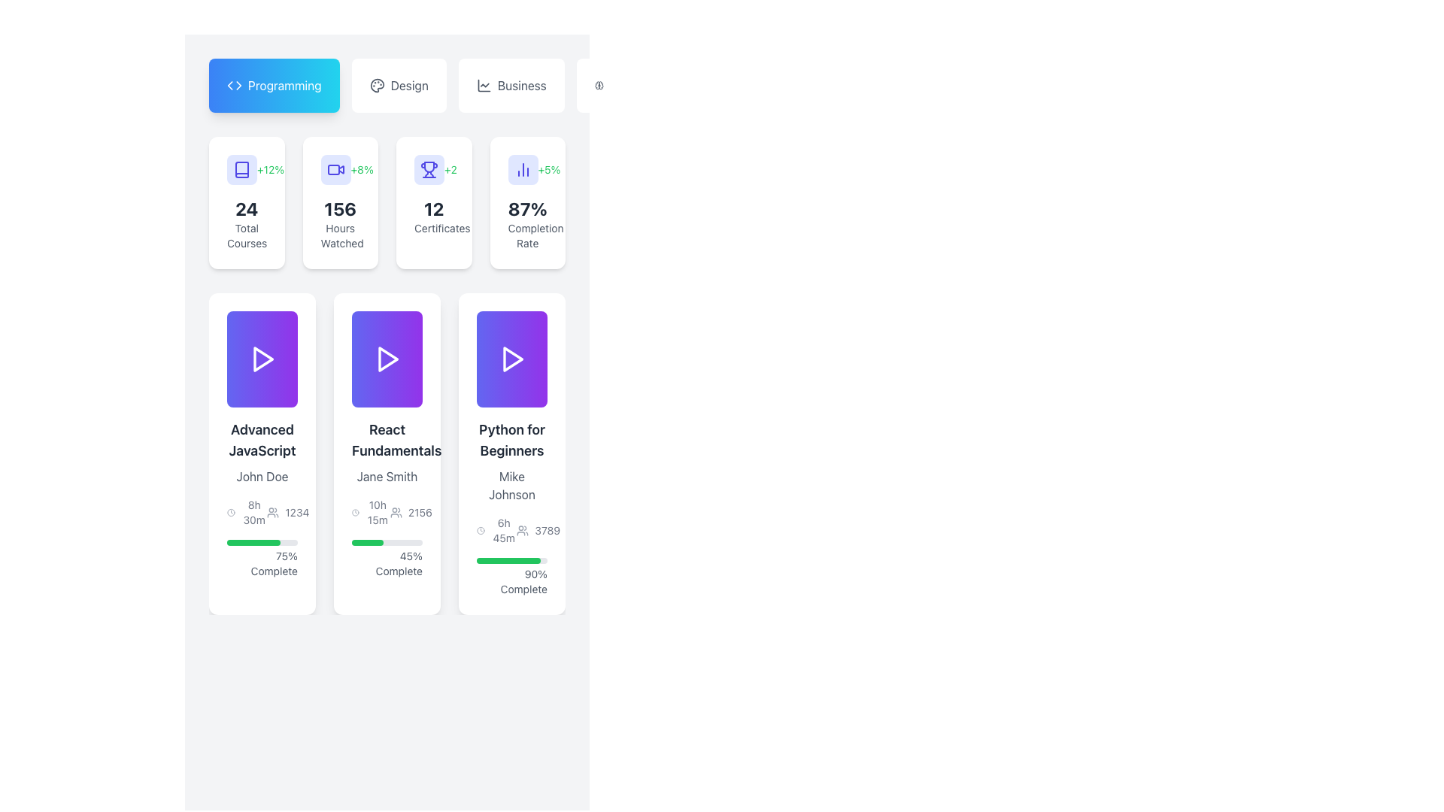 Image resolution: width=1444 pixels, height=812 pixels. I want to click on the 'Certificates' text label which indicates the category for the displayed count of '12' in the card structure, so click(433, 229).